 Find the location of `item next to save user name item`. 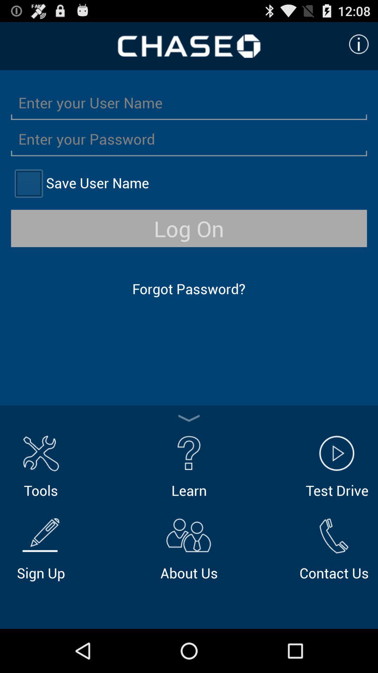

item next to save user name item is located at coordinates (28, 183).